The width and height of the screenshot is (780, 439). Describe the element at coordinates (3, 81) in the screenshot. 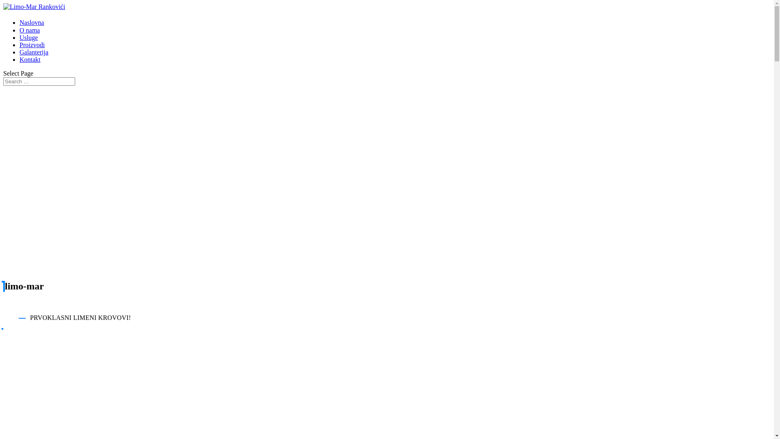

I see `'Search for:'` at that location.